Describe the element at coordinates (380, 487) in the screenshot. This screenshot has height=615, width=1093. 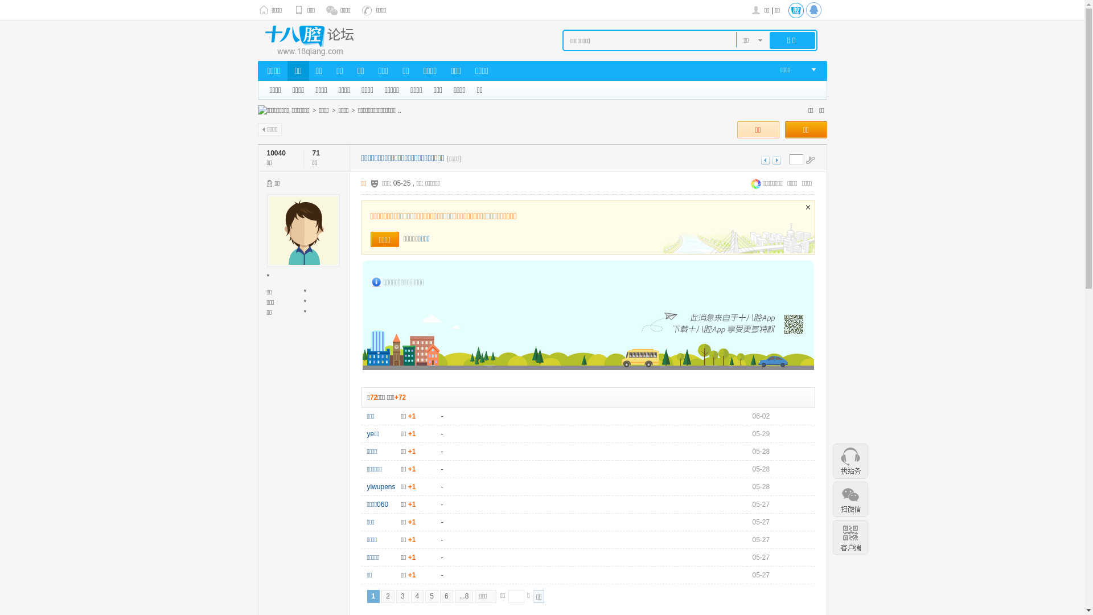
I see `'yiwupens'` at that location.